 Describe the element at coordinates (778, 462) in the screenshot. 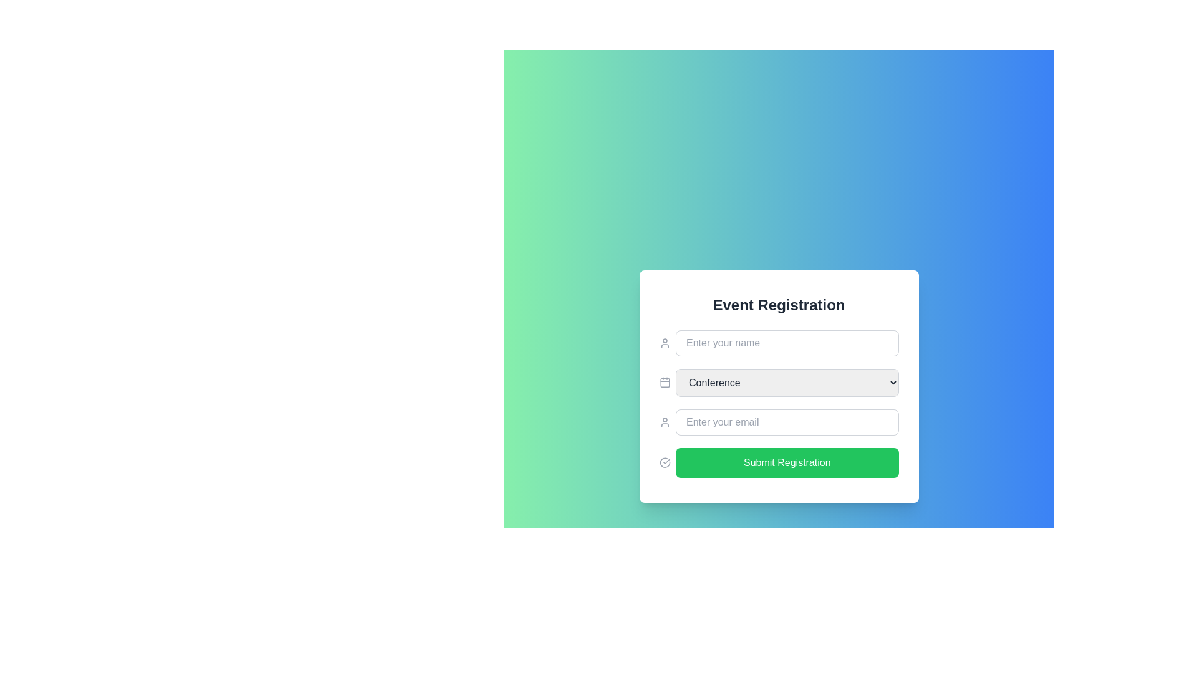

I see `the submit button for the registration form to observe the hover effect` at that location.